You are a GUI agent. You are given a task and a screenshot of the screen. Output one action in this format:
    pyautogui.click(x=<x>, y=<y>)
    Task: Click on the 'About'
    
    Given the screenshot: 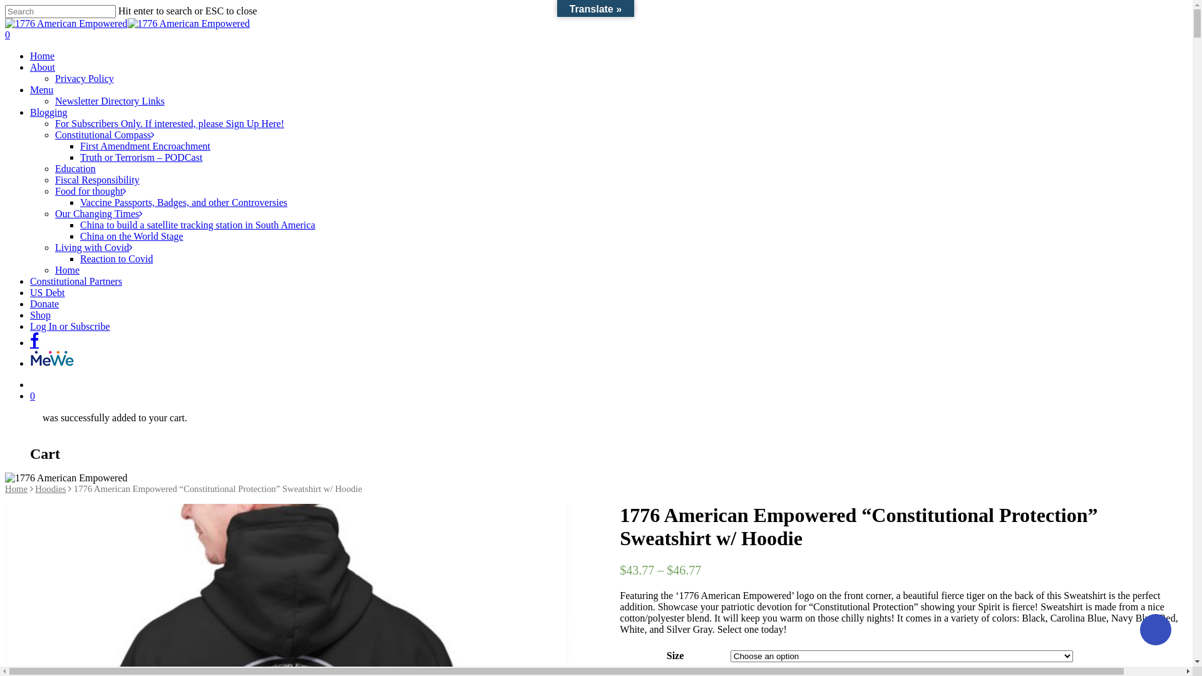 What is the action you would take?
    pyautogui.click(x=30, y=67)
    